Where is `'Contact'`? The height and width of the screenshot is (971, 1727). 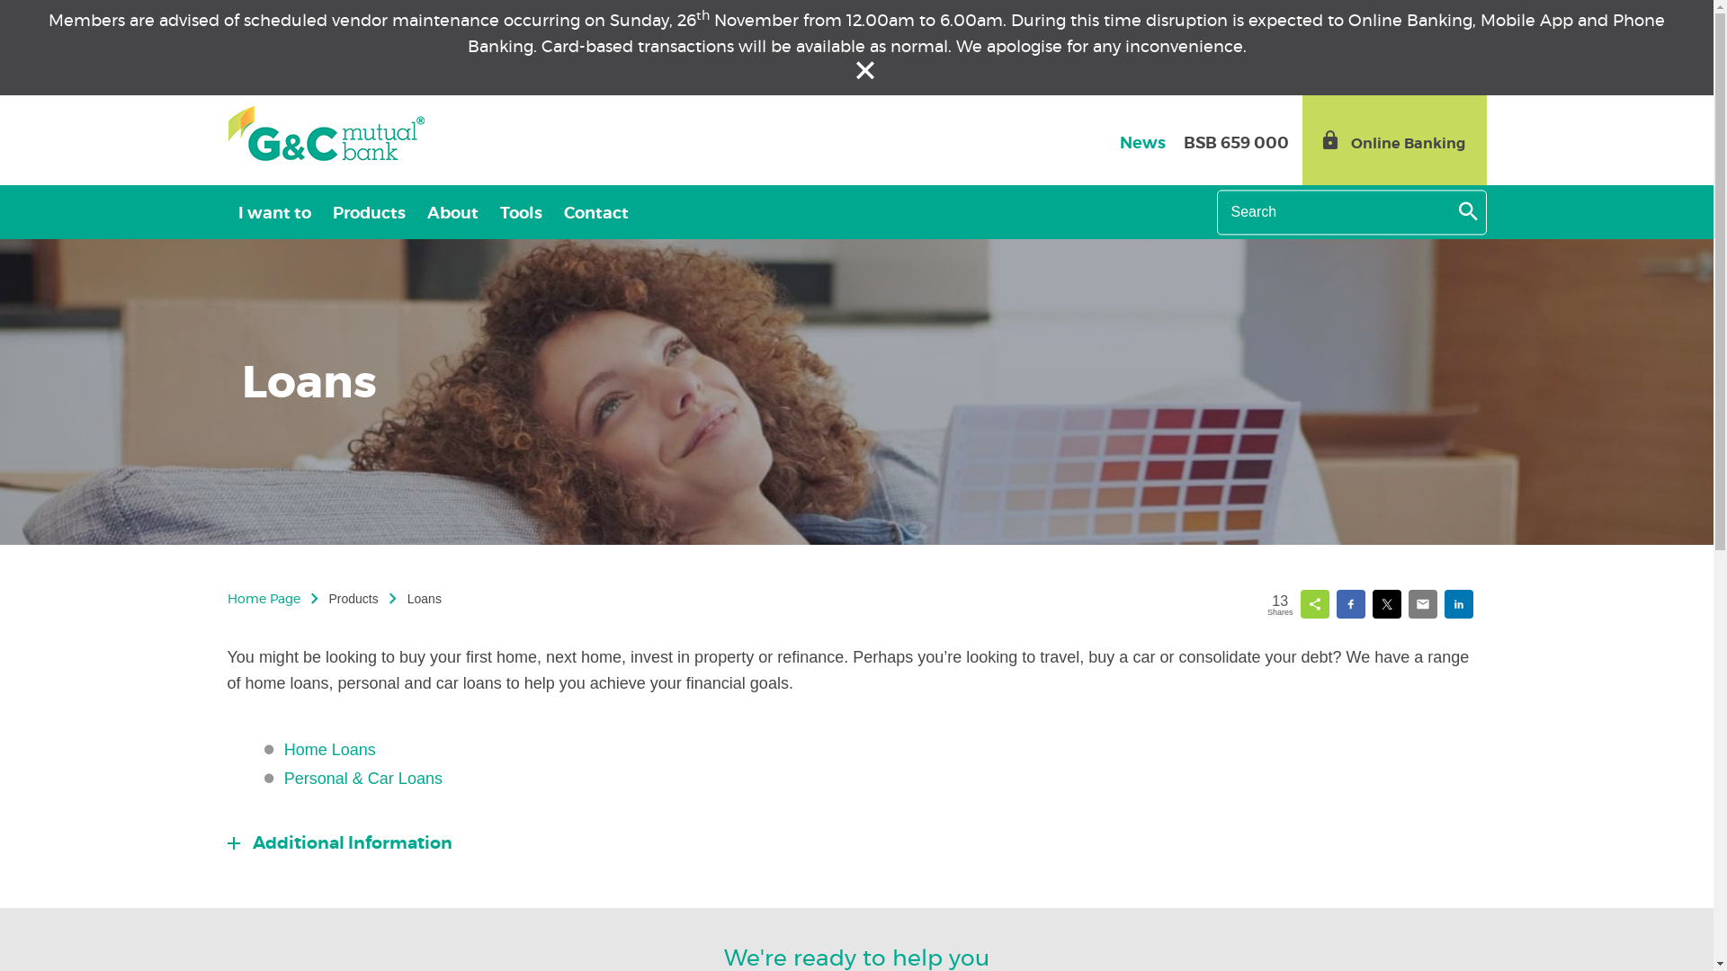
'Contact' is located at coordinates (595, 210).